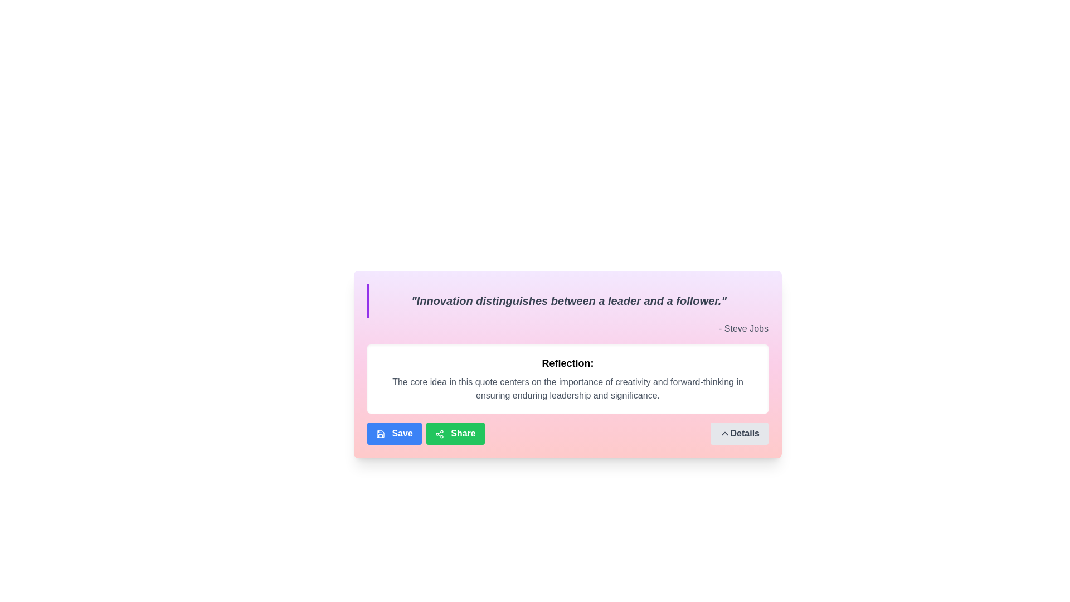 This screenshot has width=1070, height=602. I want to click on the green rectangular button labeled 'Share' located in the bottom-right section of the card structure, so click(455, 433).